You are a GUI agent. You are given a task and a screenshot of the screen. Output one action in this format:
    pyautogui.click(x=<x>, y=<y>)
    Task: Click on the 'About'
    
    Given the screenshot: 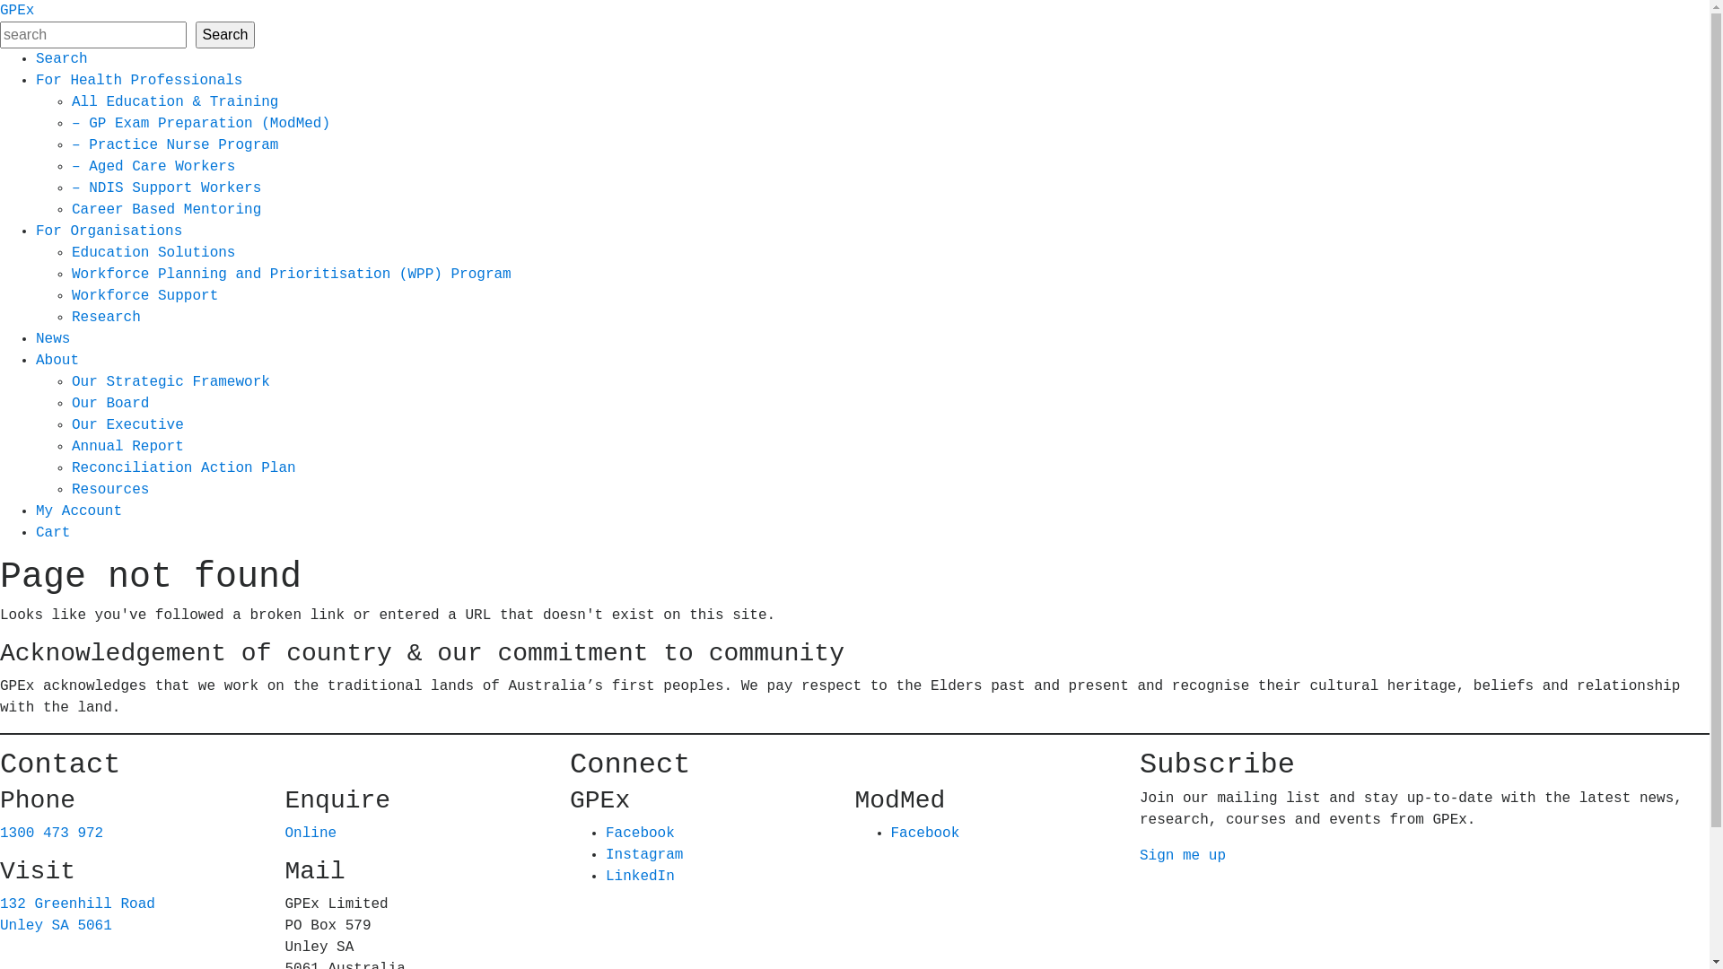 What is the action you would take?
    pyautogui.click(x=57, y=360)
    